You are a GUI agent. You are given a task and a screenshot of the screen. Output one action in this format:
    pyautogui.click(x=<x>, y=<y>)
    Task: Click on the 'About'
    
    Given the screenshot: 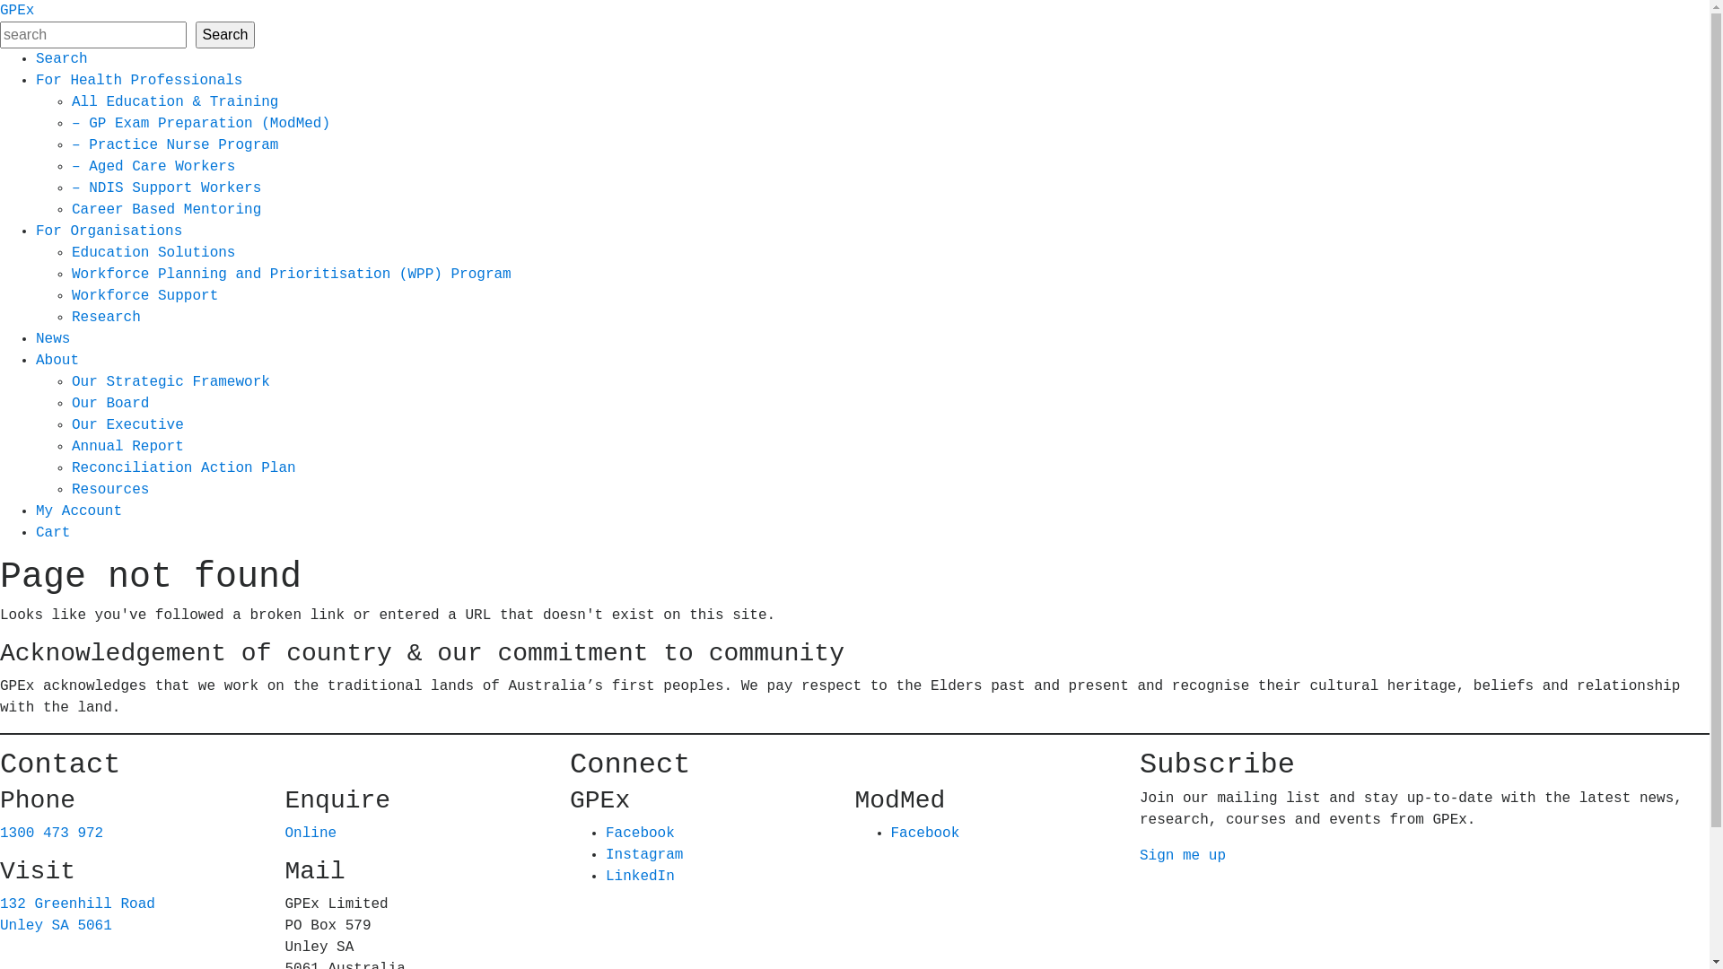 What is the action you would take?
    pyautogui.click(x=57, y=360)
    